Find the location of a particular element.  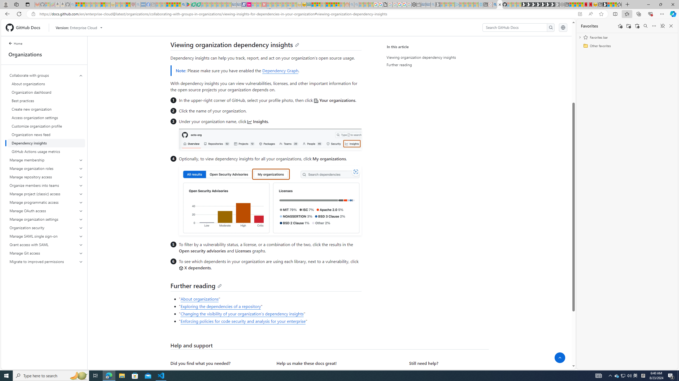

'Migrate to improved permissions' is located at coordinates (46, 261).